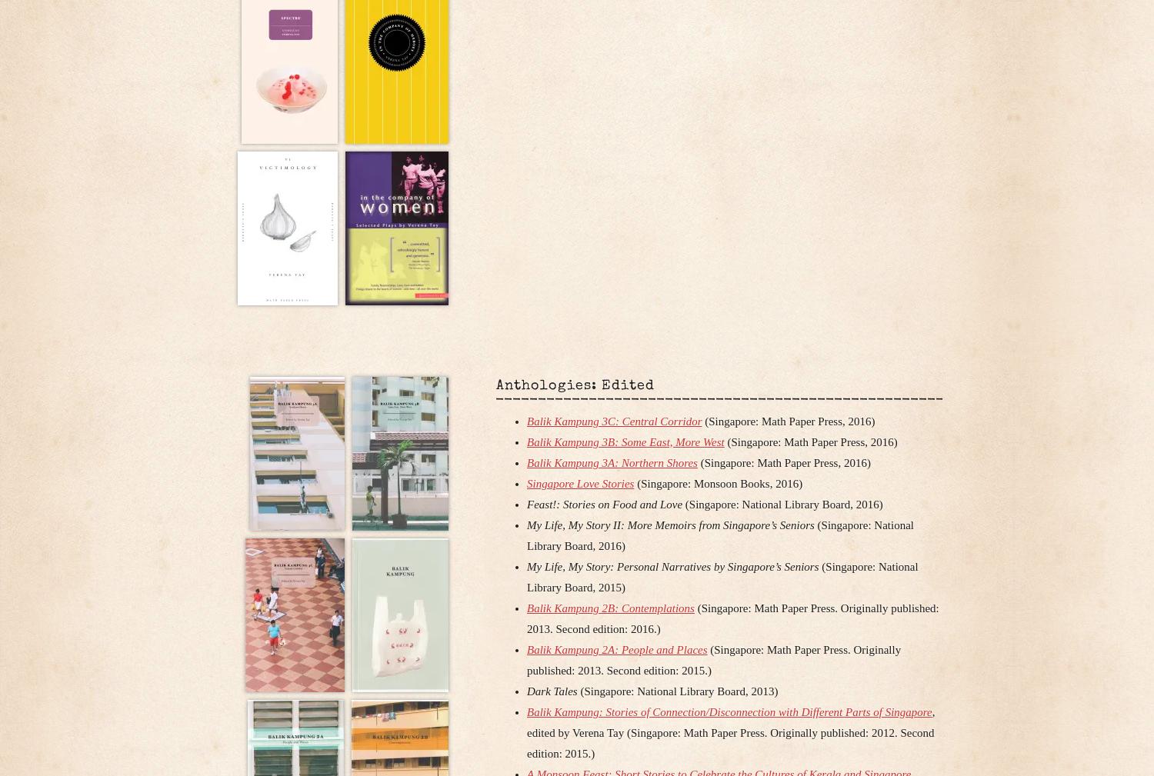  What do you see at coordinates (614, 420) in the screenshot?
I see `'Balik Kampung 3C: Central Corridor'` at bounding box center [614, 420].